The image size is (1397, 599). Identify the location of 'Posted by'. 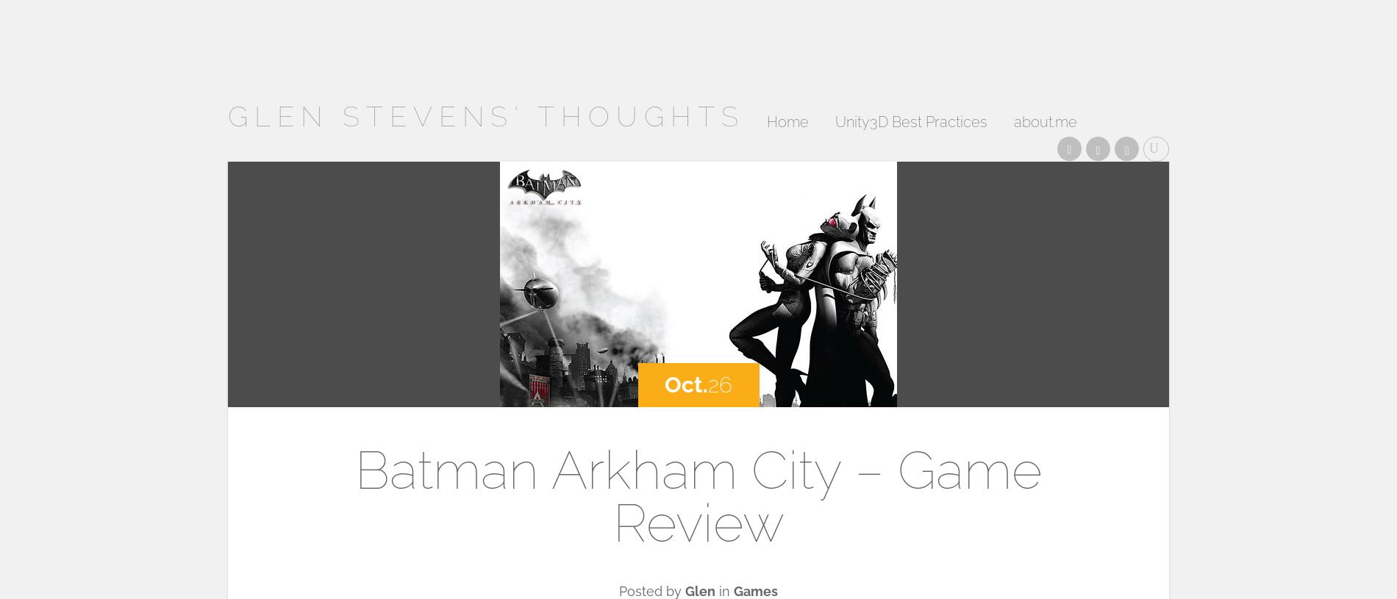
(651, 591).